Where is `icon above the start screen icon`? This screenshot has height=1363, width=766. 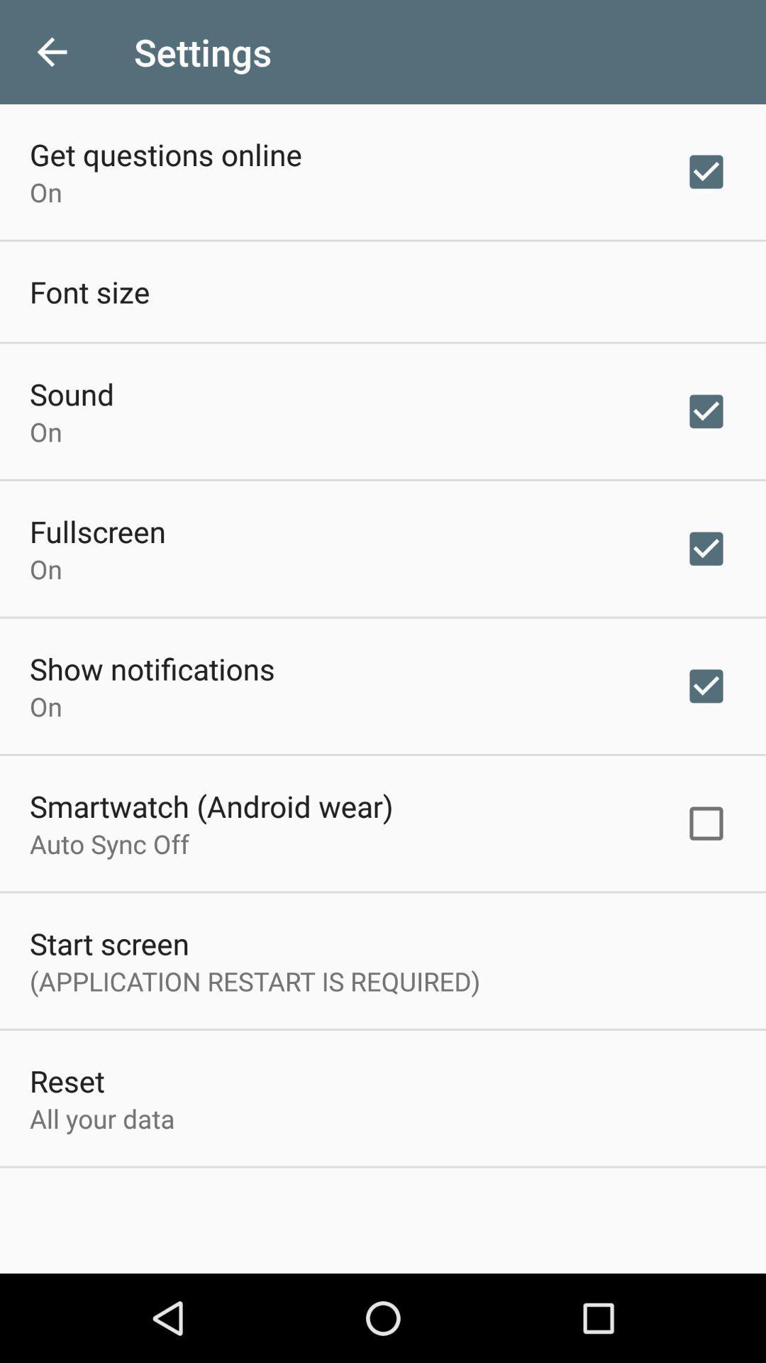 icon above the start screen icon is located at coordinates (109, 843).